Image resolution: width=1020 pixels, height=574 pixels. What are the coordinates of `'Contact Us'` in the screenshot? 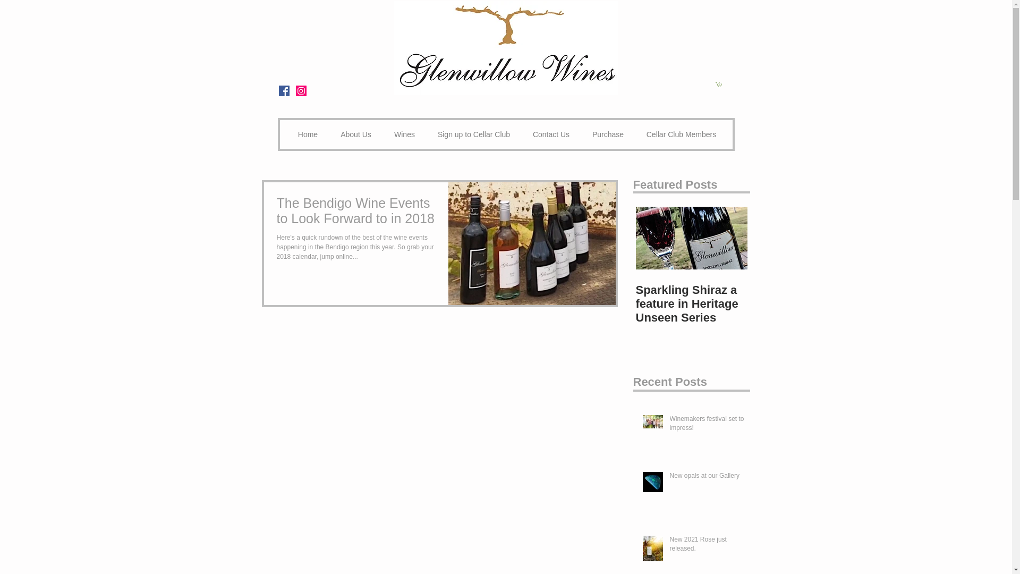 It's located at (522, 134).